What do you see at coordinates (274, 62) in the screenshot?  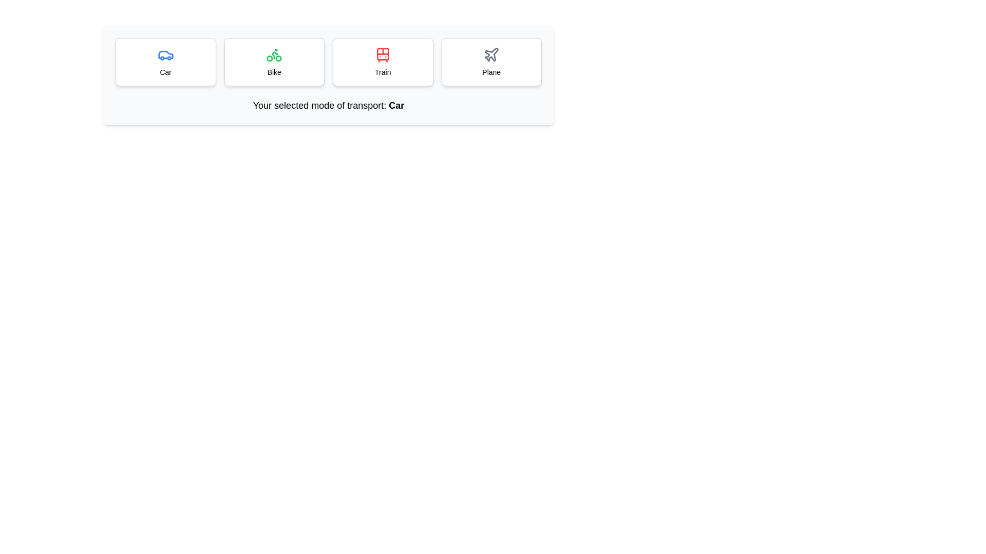 I see `on the Interactive Card labeled 'Bike'` at bounding box center [274, 62].